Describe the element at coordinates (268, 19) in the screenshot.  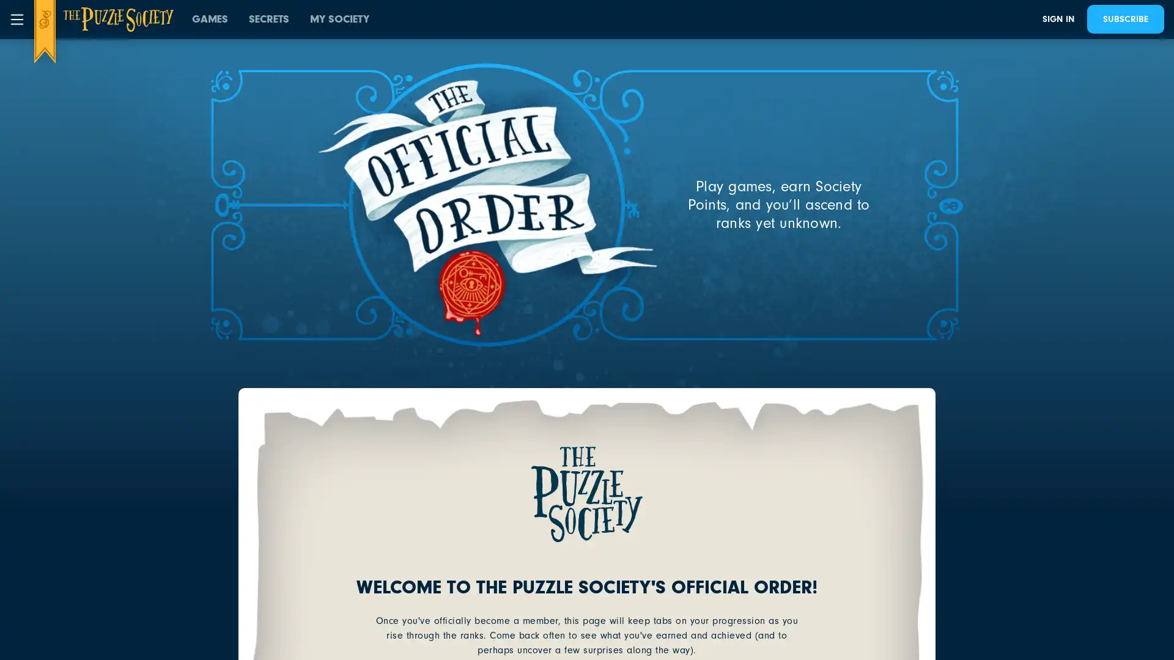
I see `SECRETS` at that location.